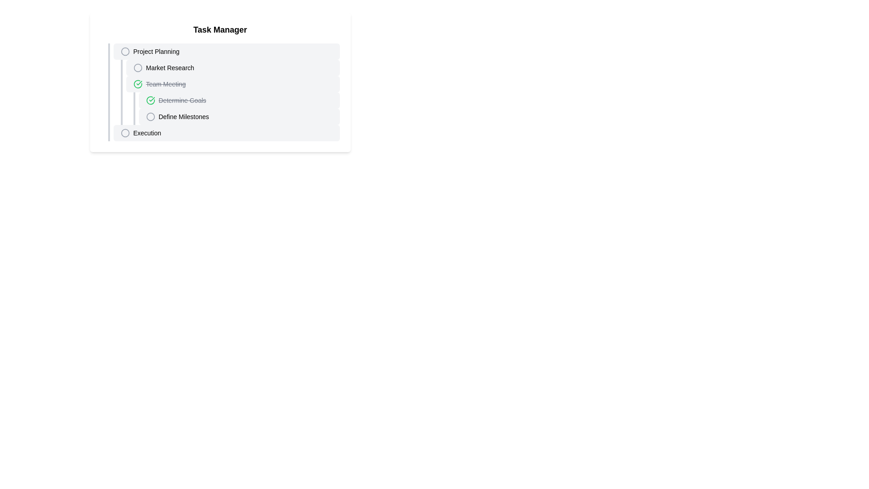 This screenshot has height=489, width=869. What do you see at coordinates (236, 101) in the screenshot?
I see `the list item labeled 'Determine Goals'` at bounding box center [236, 101].